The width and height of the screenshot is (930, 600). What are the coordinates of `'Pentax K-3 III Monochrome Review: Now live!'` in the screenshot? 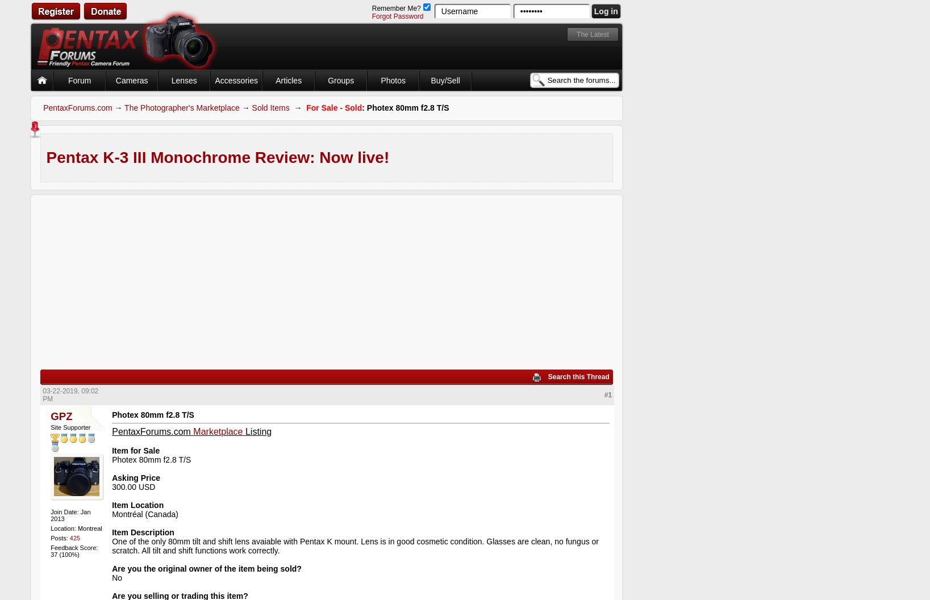 It's located at (217, 156).